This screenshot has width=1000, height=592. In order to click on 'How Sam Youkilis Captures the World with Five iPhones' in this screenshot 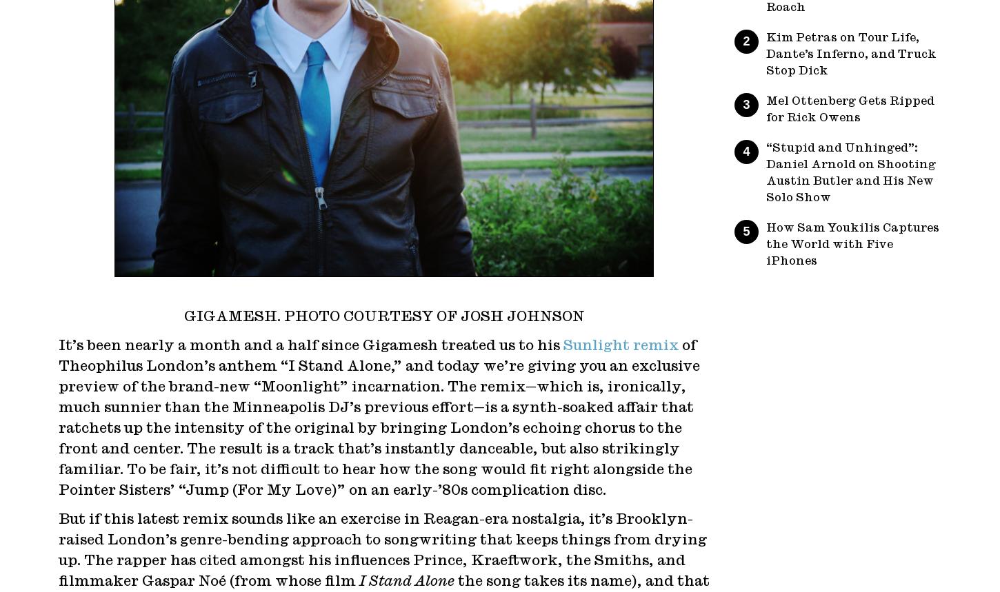, I will do `click(852, 244)`.